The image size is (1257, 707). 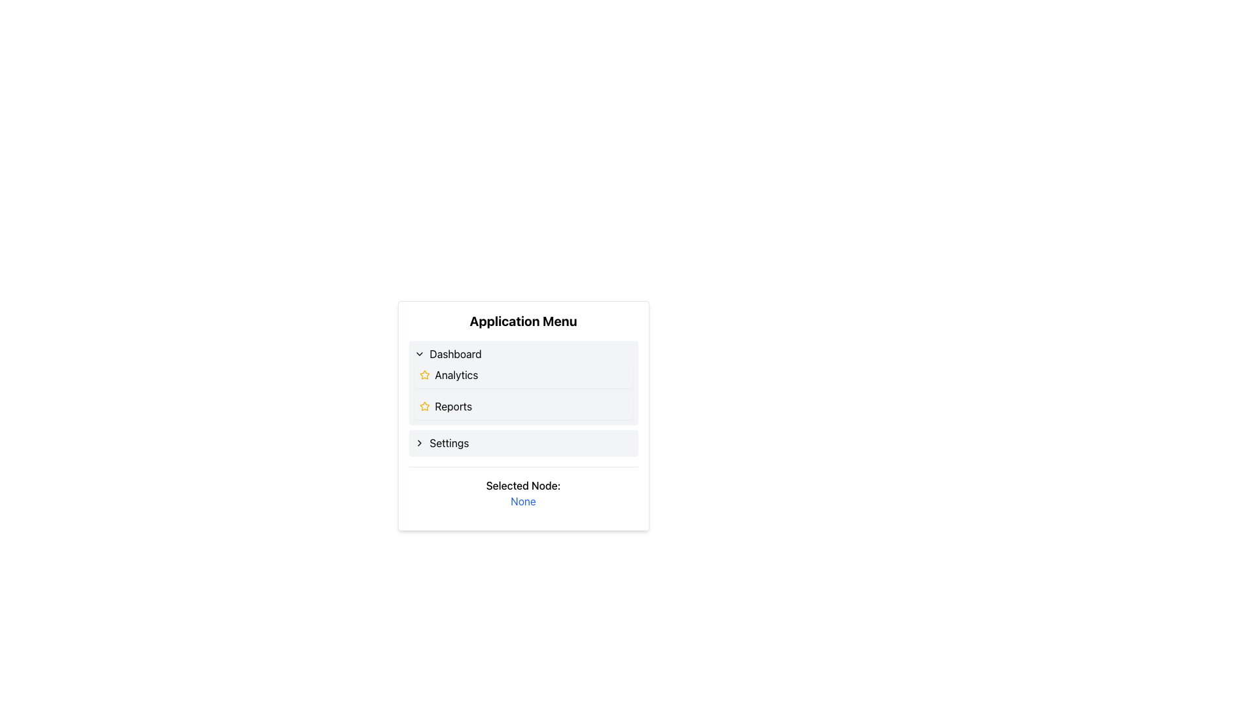 What do you see at coordinates (449, 443) in the screenshot?
I see `the 'Settings' text label in the vertical menu` at bounding box center [449, 443].